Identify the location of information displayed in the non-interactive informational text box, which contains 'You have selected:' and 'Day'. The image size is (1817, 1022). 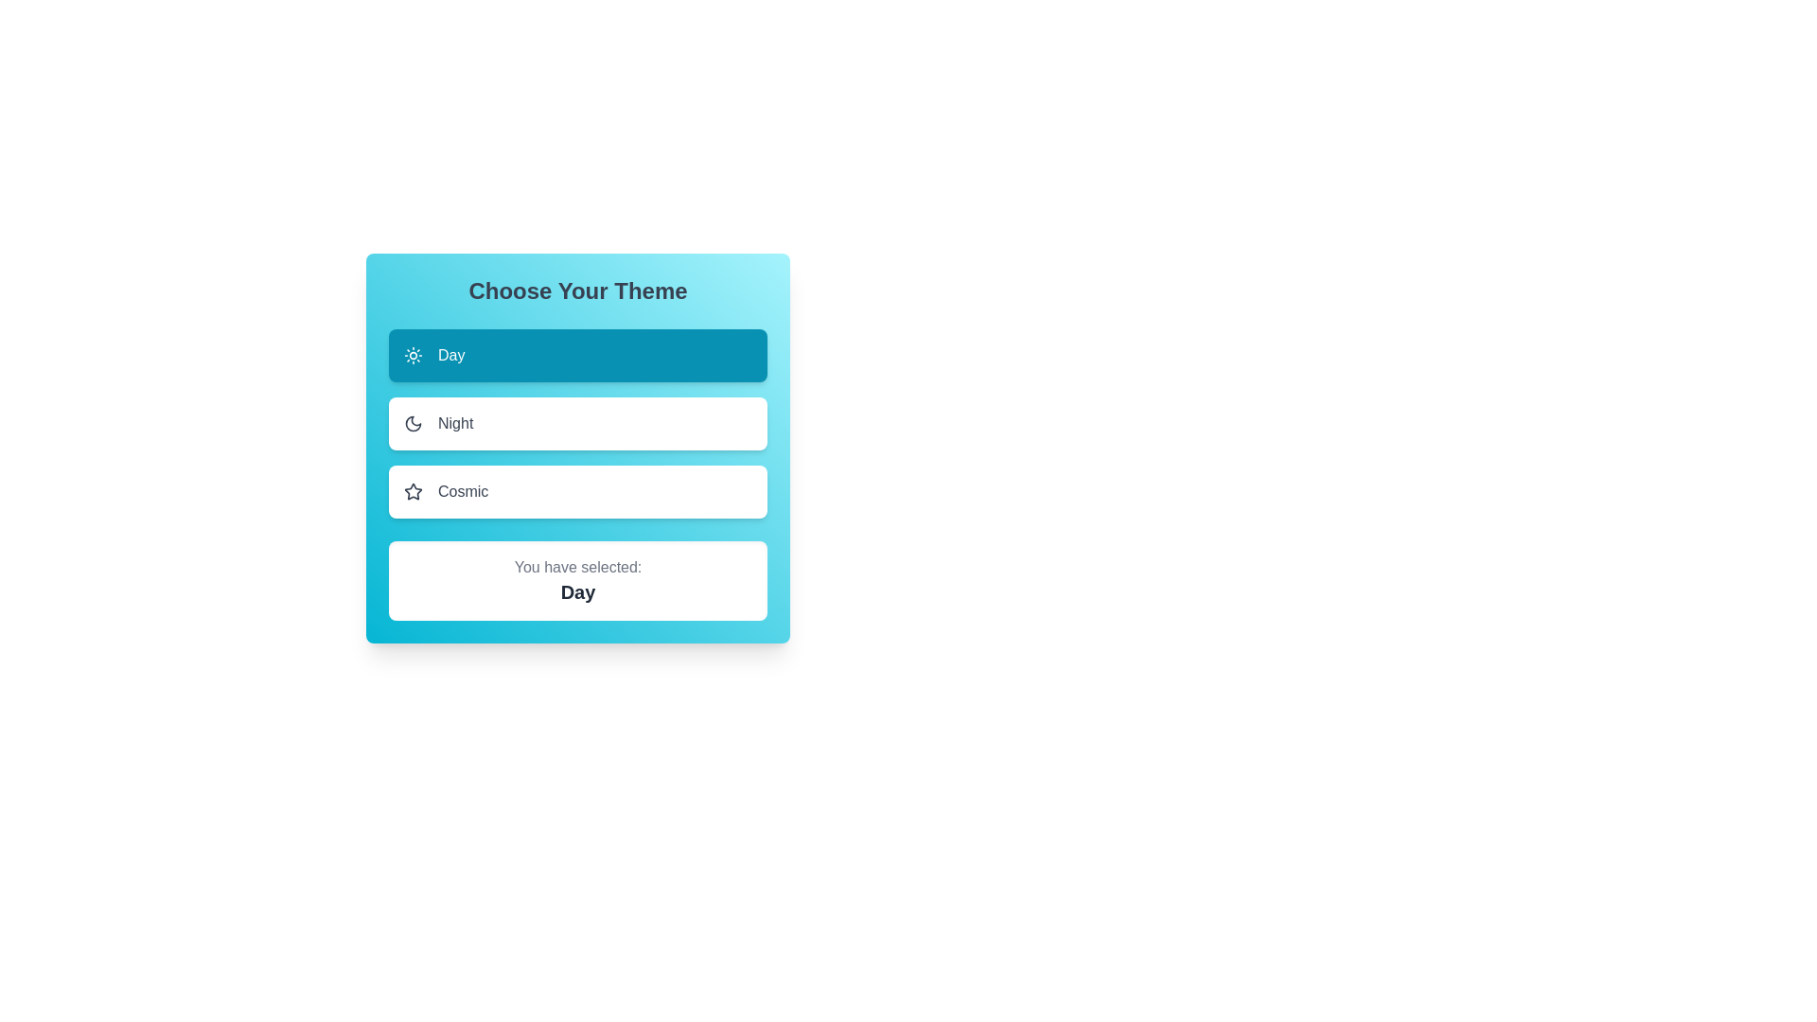
(576, 579).